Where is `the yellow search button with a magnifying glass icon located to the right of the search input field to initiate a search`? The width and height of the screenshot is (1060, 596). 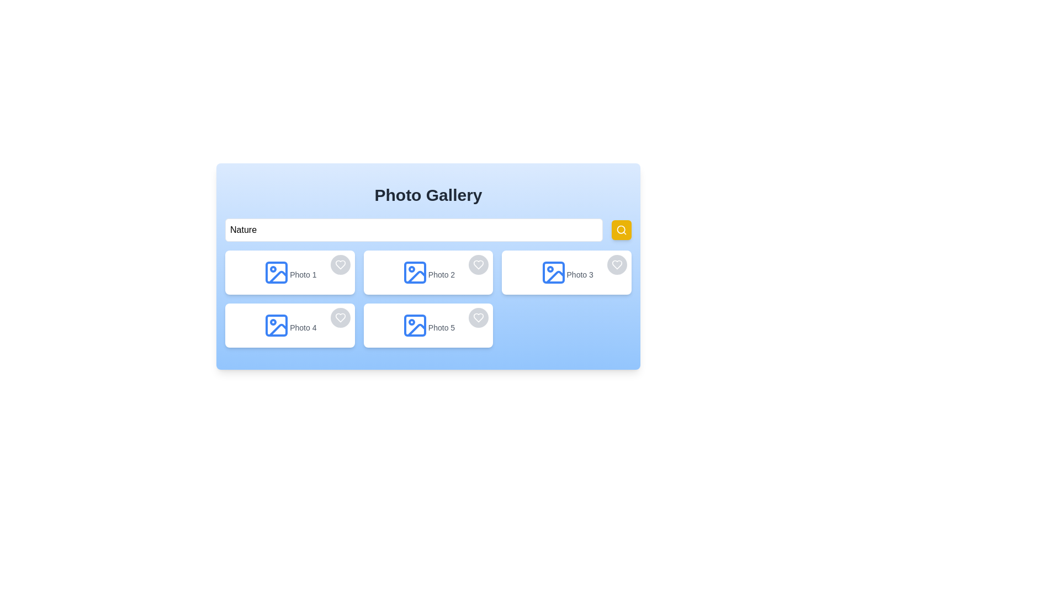
the yellow search button with a magnifying glass icon located to the right of the search input field to initiate a search is located at coordinates (622, 229).